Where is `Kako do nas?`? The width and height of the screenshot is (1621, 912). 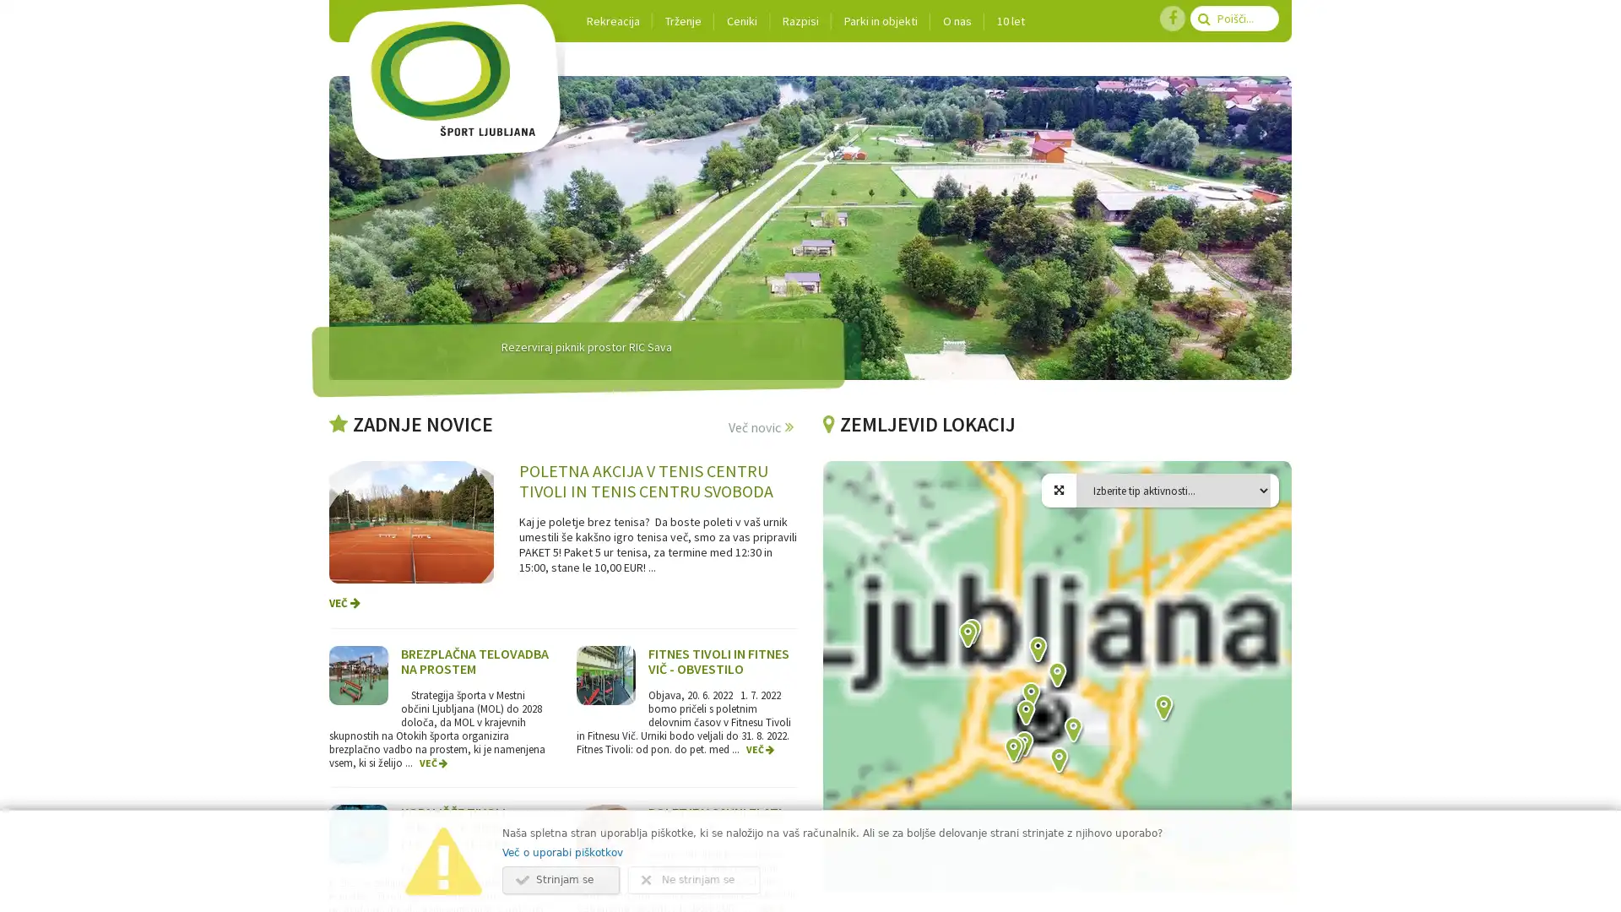 Kako do nas? is located at coordinates (1012, 751).